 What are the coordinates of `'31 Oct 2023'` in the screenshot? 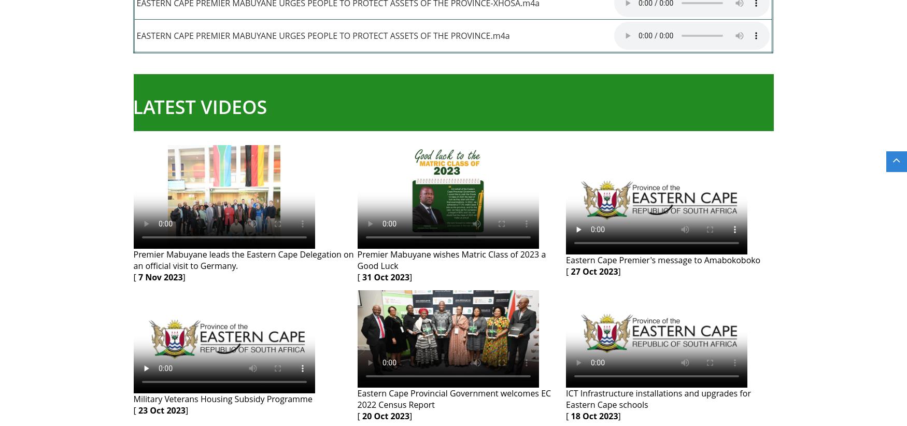 It's located at (386, 276).